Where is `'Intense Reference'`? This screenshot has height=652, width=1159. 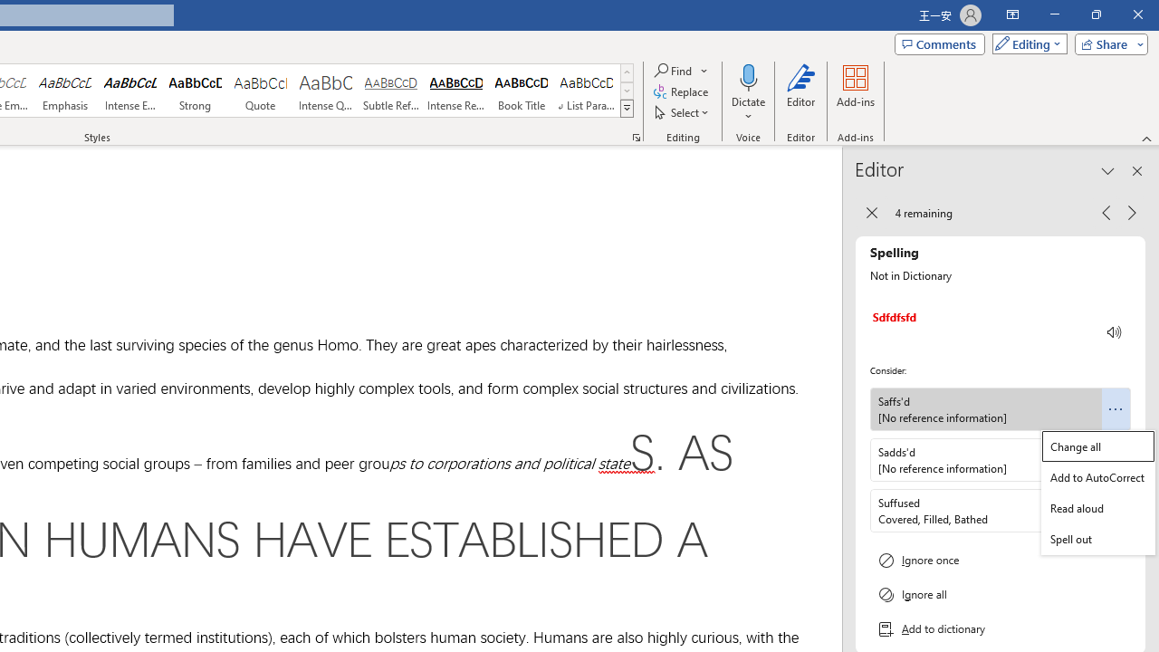
'Intense Reference' is located at coordinates (456, 91).